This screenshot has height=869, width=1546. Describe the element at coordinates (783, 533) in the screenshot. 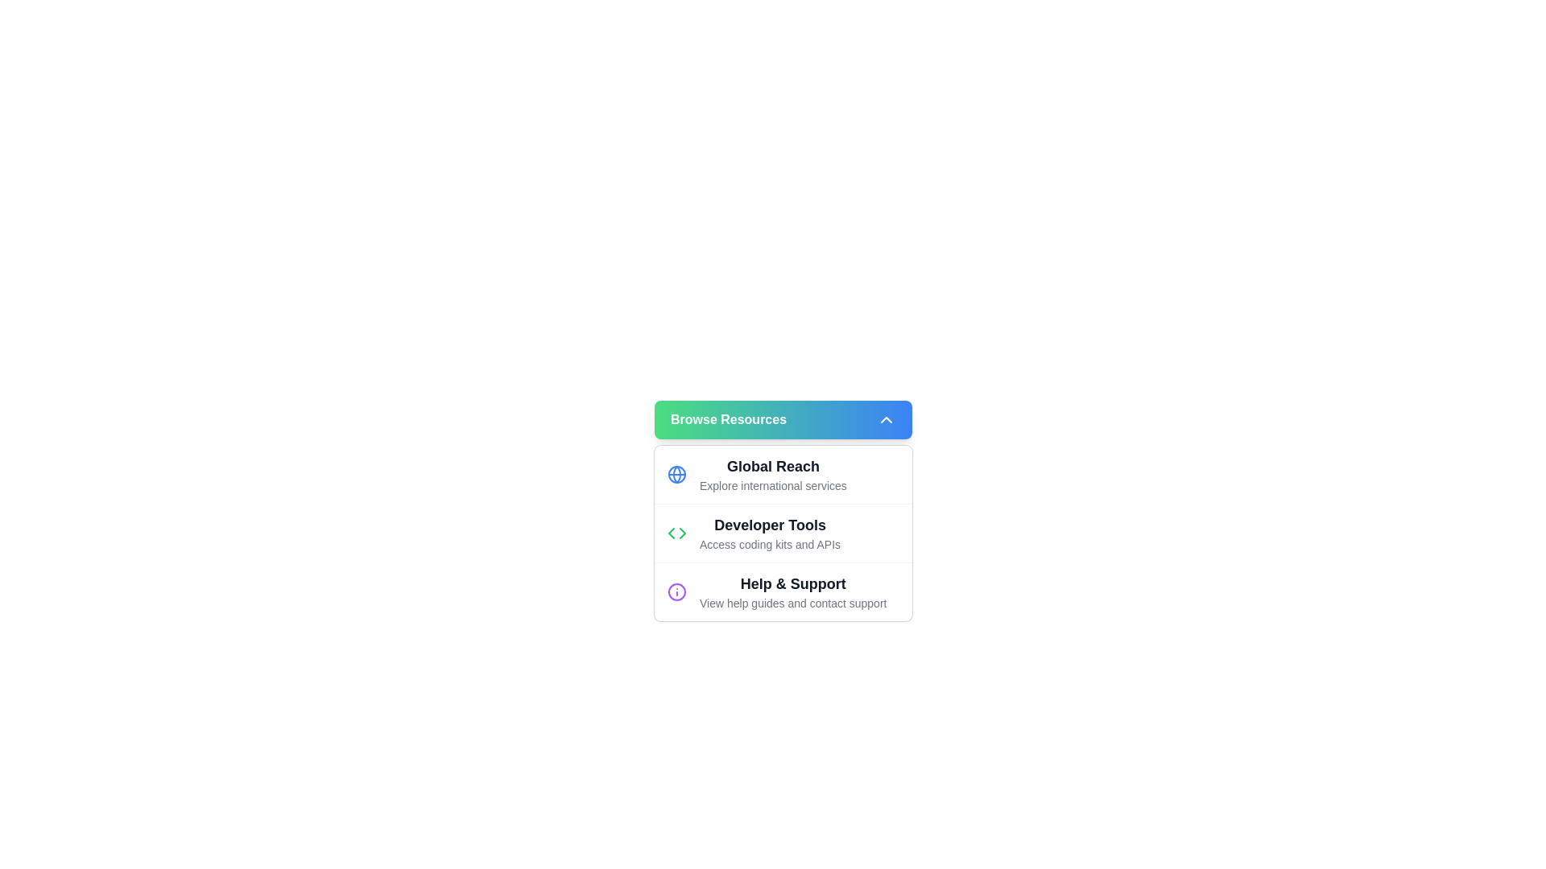

I see `the 'Developer Tools' dropdown menu item, which is the second item in the list, featuring an icon of angled brackets in green and located within the 'Browse Resources' component` at that location.